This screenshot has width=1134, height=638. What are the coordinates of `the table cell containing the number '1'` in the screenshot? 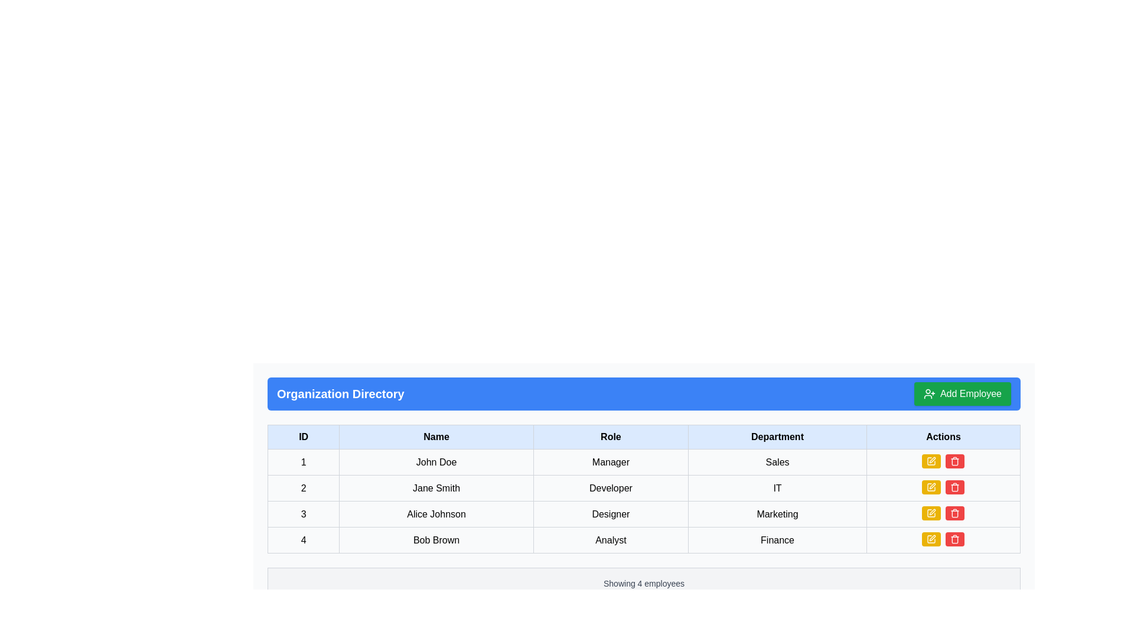 It's located at (304, 461).